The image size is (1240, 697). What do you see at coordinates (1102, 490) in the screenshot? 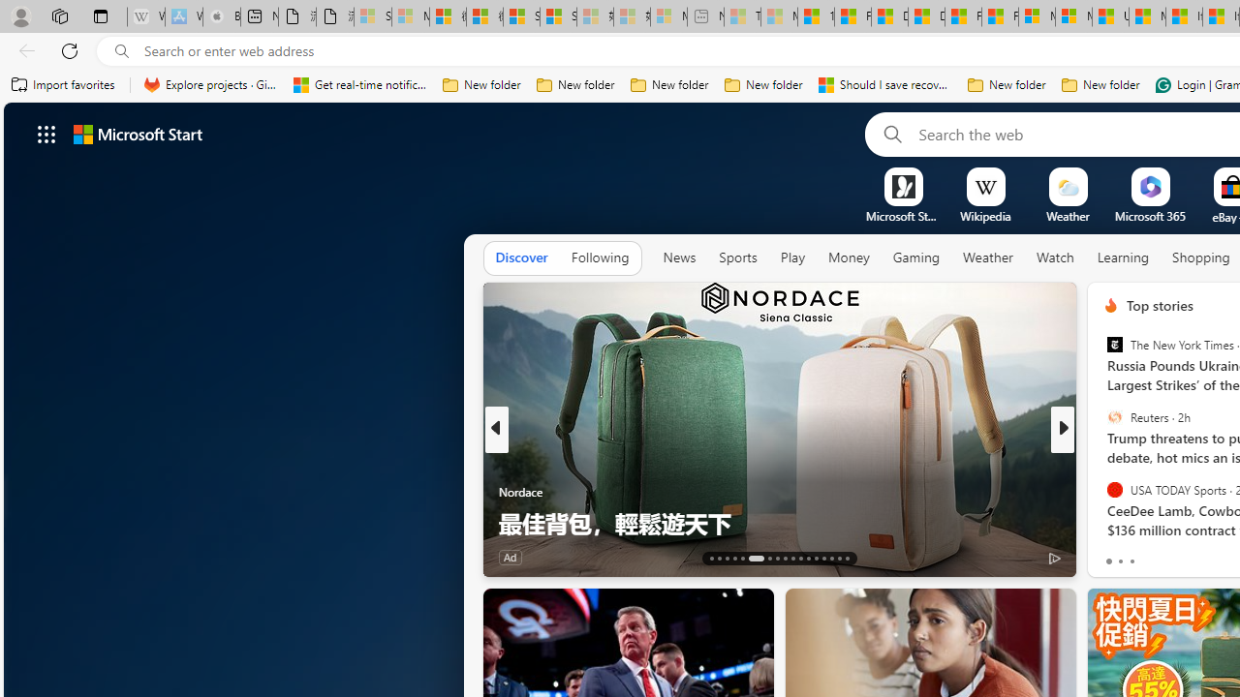
I see `'Hey She Thrives'` at bounding box center [1102, 490].